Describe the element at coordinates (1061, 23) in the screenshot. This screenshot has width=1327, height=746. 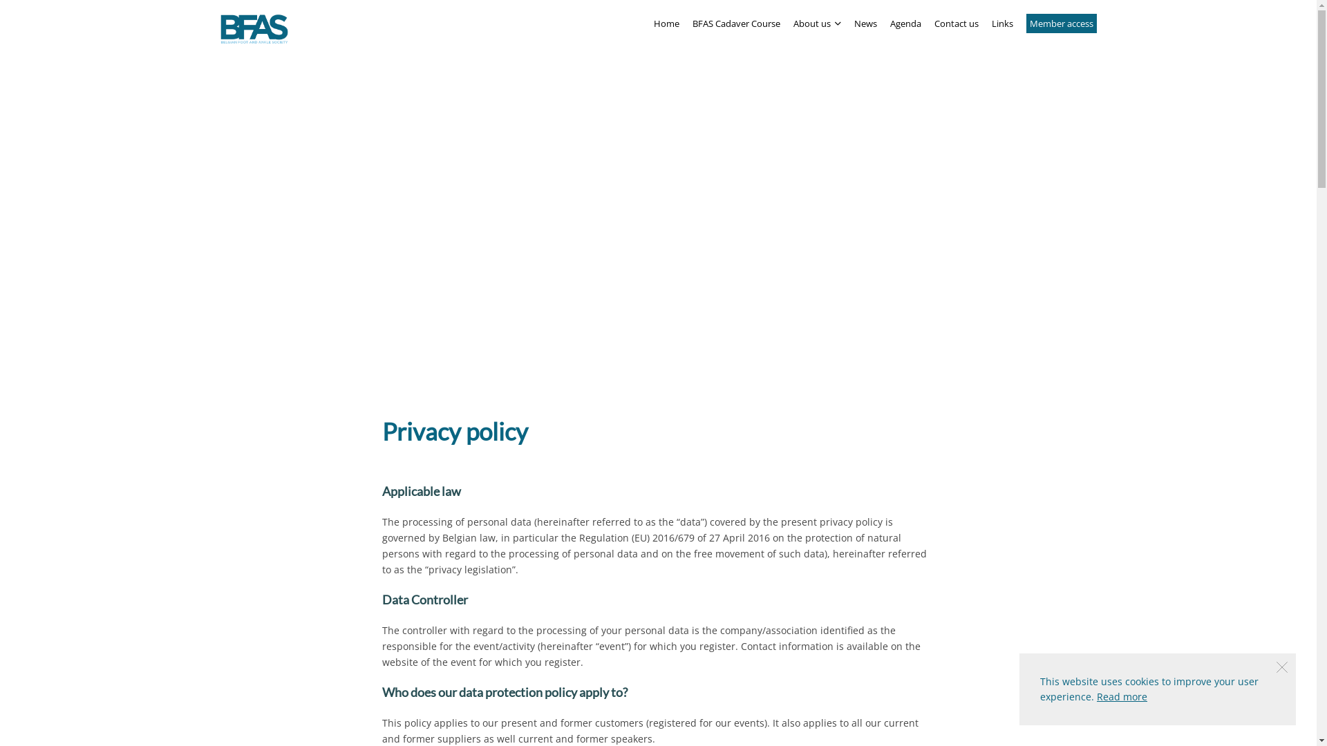
I see `'Member access'` at that location.